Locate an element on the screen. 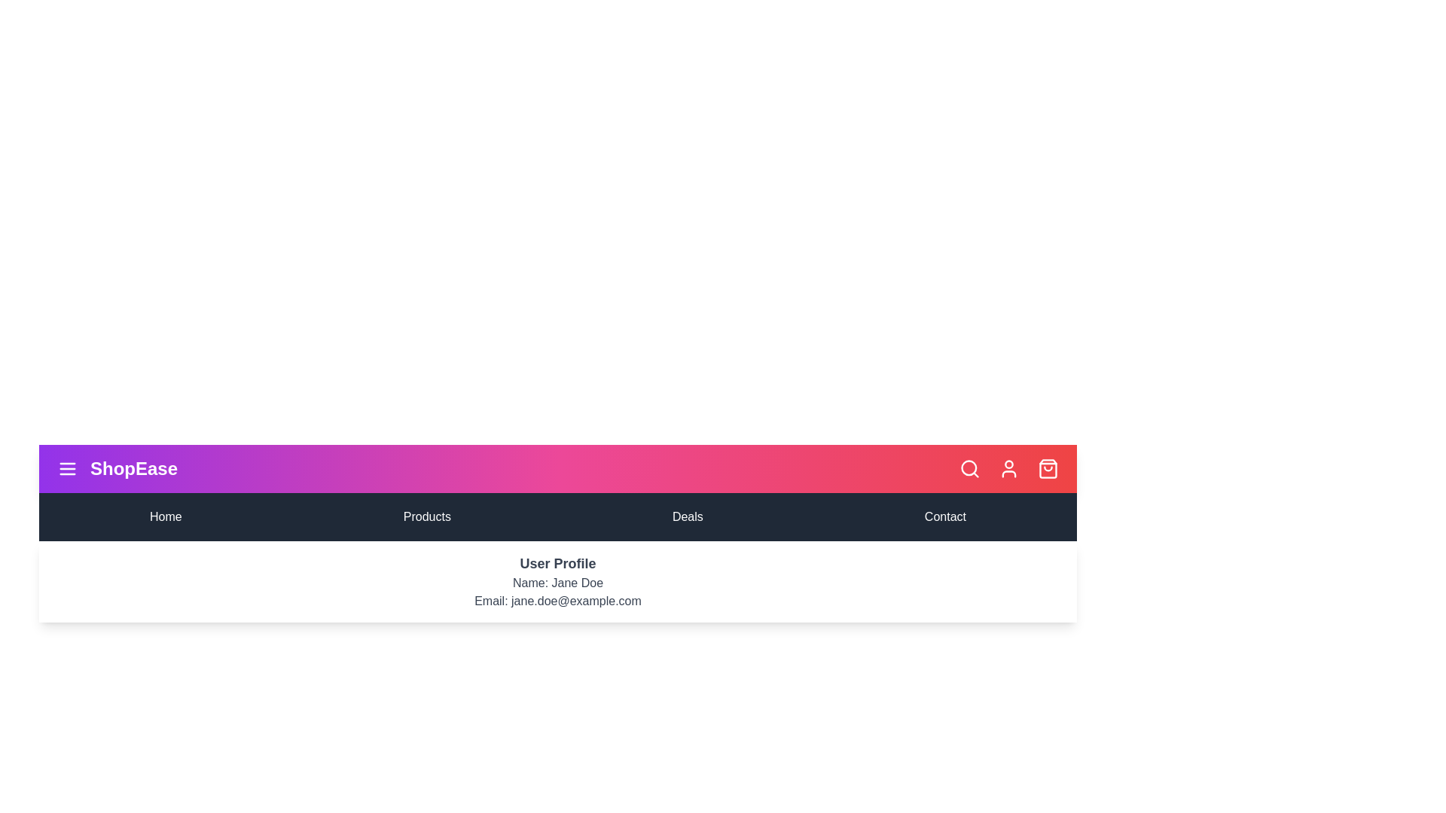  the menu item Deals to navigate to the corresponding section is located at coordinates (686, 516).